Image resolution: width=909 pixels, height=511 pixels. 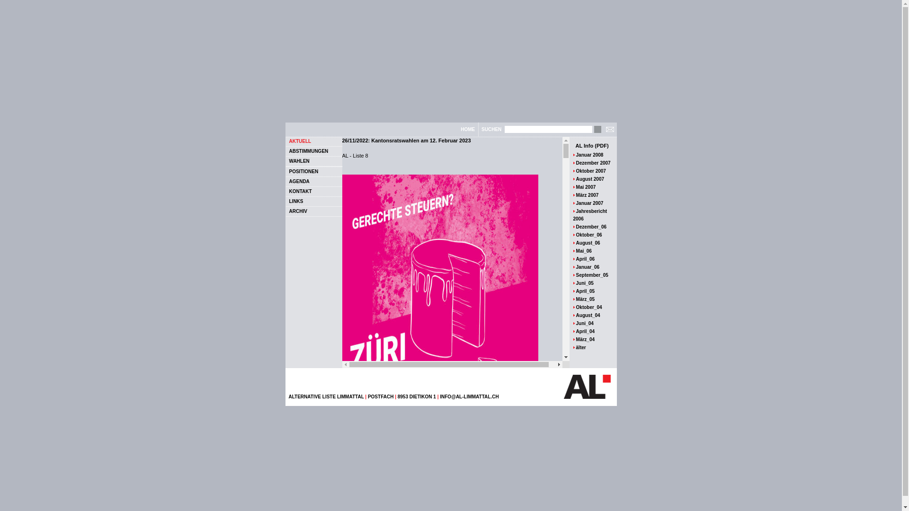 I want to click on 'Juni_04', so click(x=584, y=323).